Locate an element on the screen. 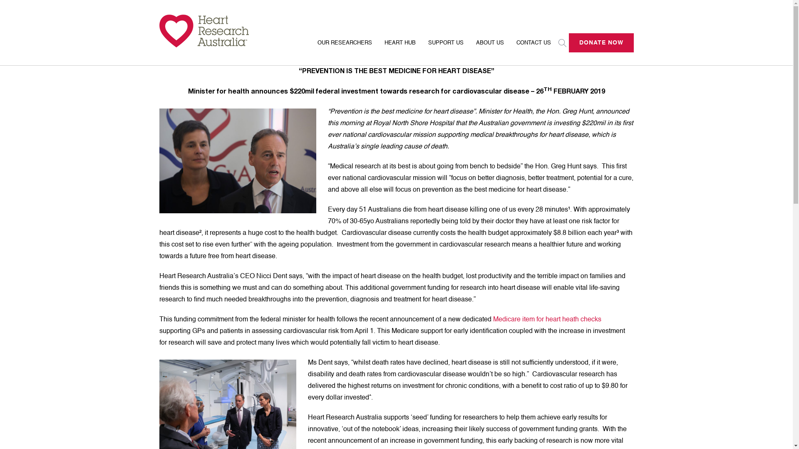  'DONATE NOW' is located at coordinates (601, 43).